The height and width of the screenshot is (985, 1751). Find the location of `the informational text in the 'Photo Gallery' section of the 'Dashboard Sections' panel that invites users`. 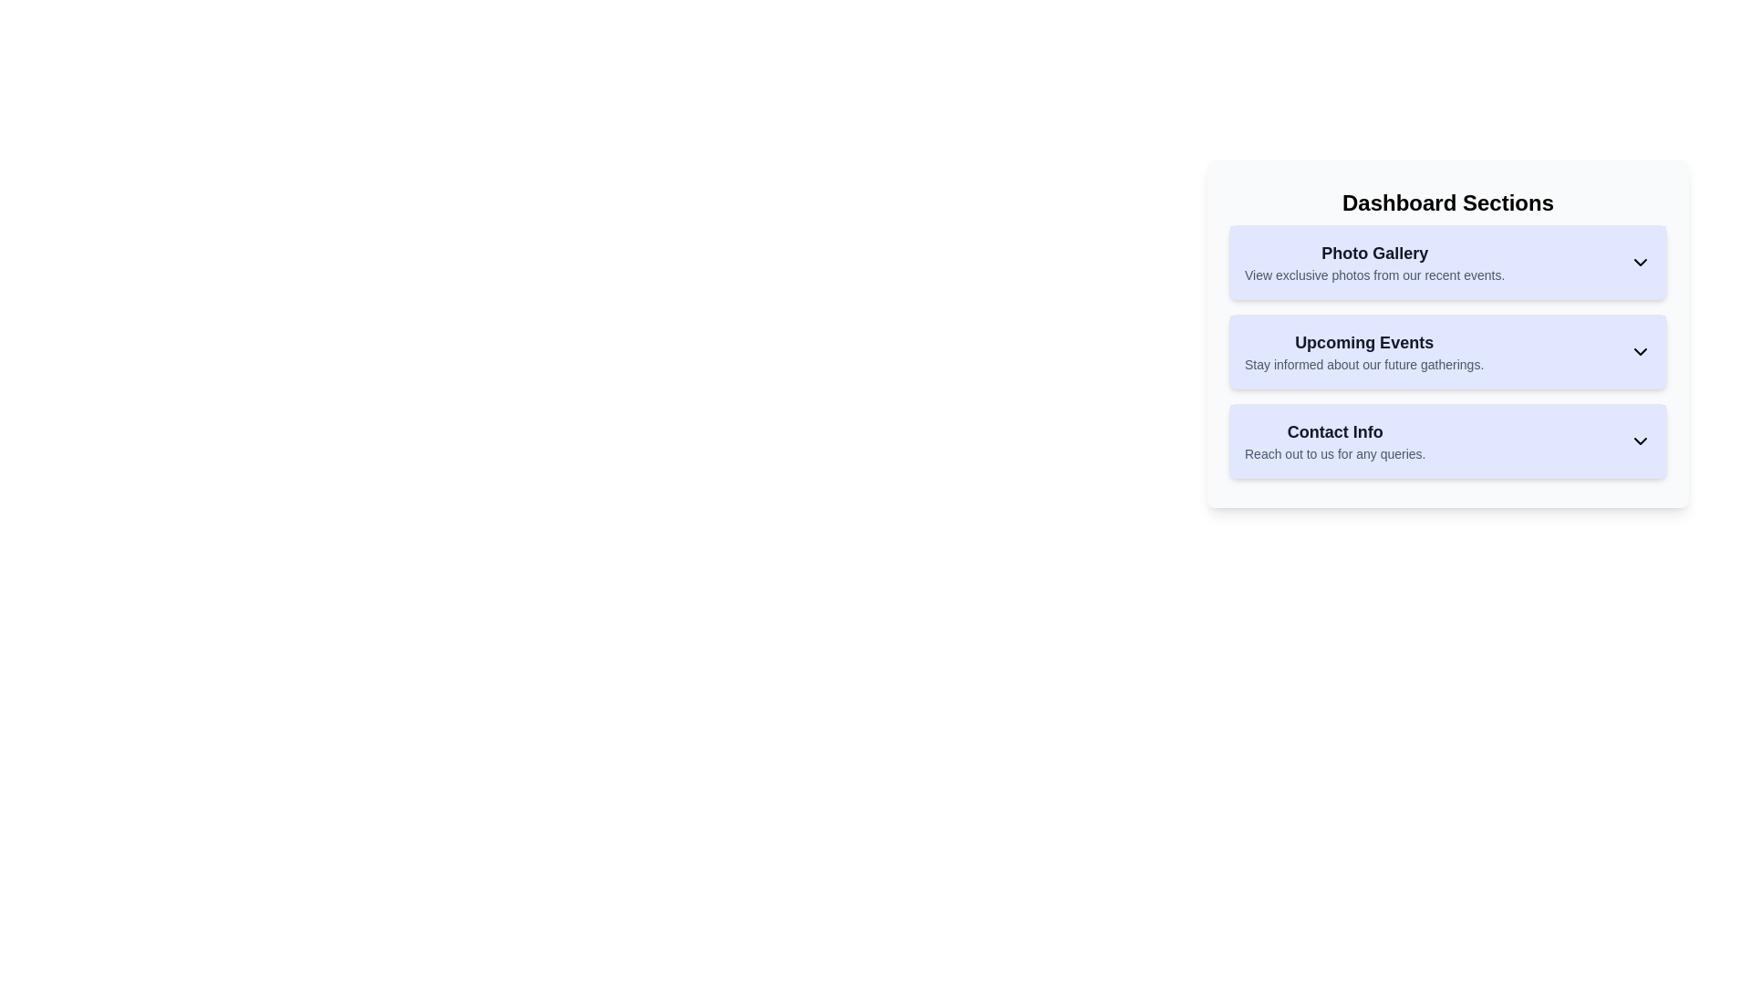

the informational text in the 'Photo Gallery' section of the 'Dashboard Sections' panel that invites users is located at coordinates (1374, 275).